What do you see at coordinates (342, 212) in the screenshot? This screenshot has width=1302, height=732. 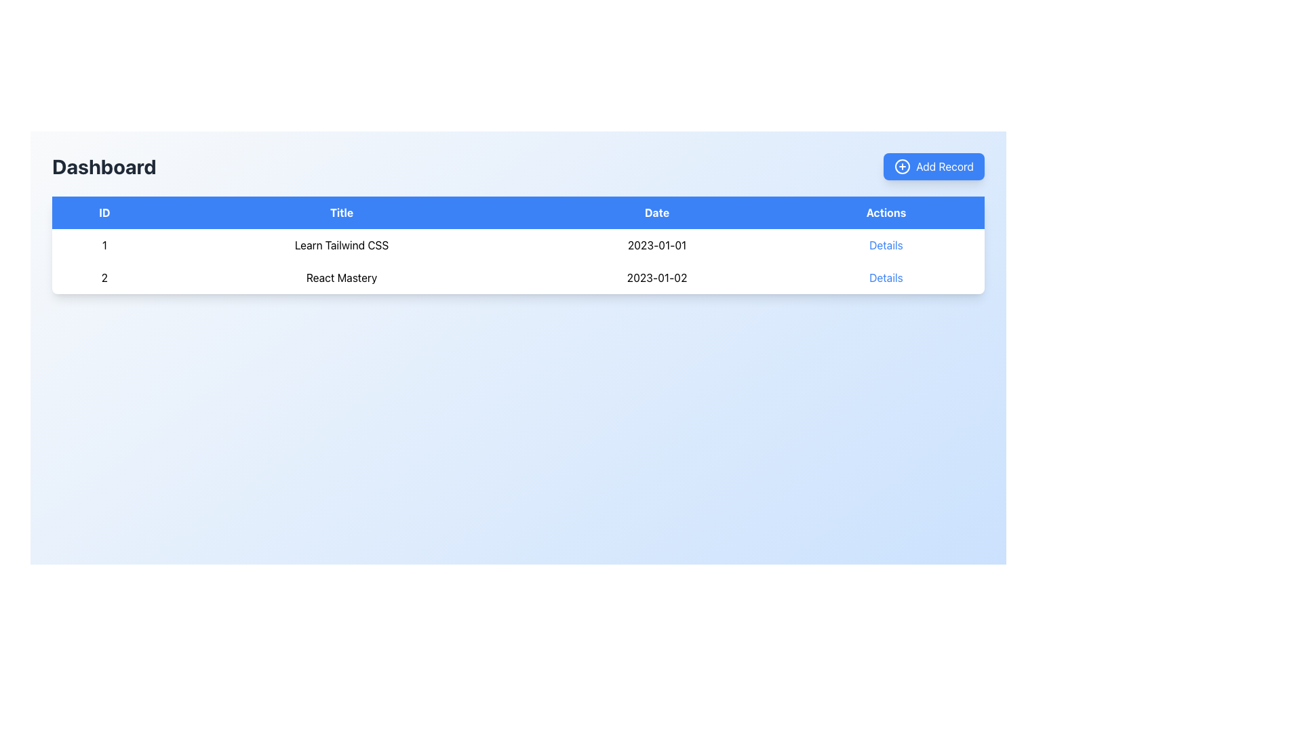 I see `the bold blue Header Cell labeled 'Title' that is part of the top row in the data table, situated between 'ID' and 'Date'` at bounding box center [342, 212].